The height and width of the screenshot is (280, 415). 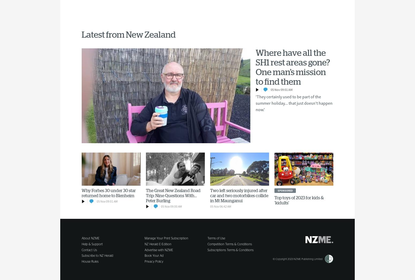 What do you see at coordinates (90, 238) in the screenshot?
I see `'About NZME'` at bounding box center [90, 238].